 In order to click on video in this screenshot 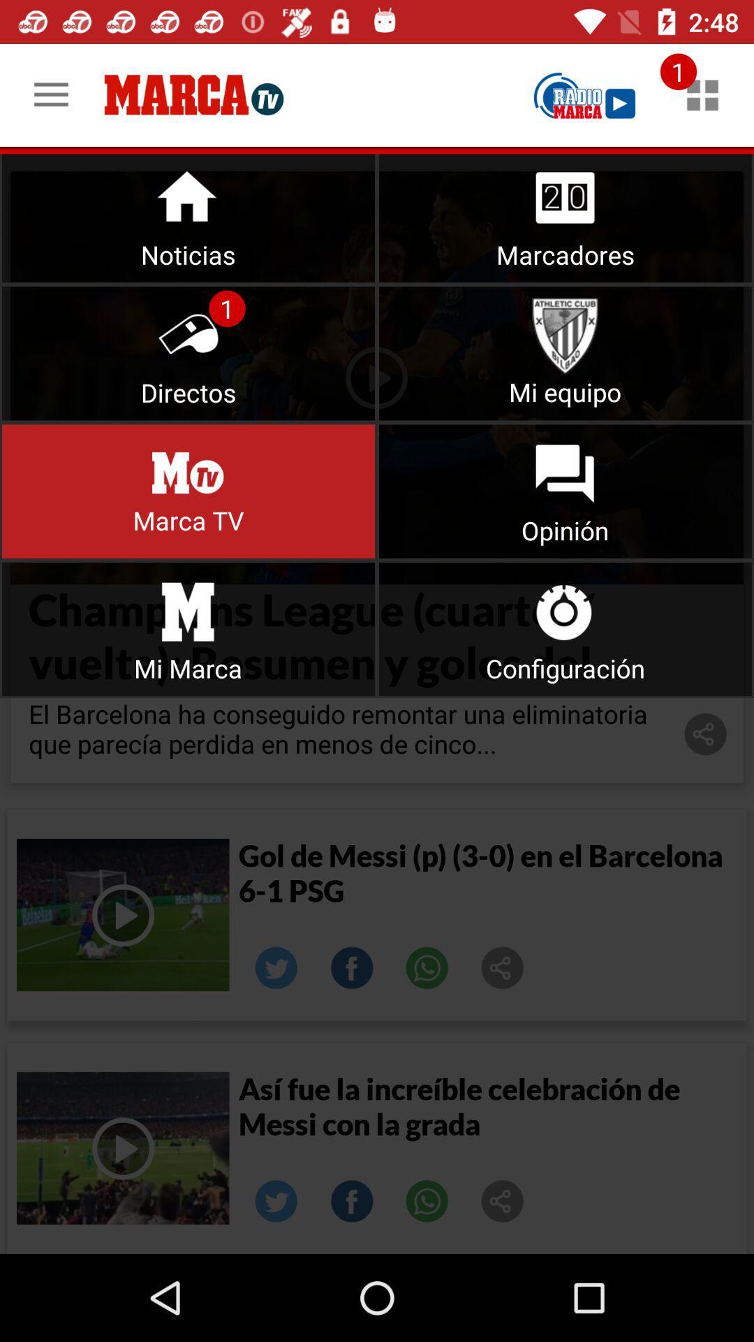, I will do `click(122, 915)`.